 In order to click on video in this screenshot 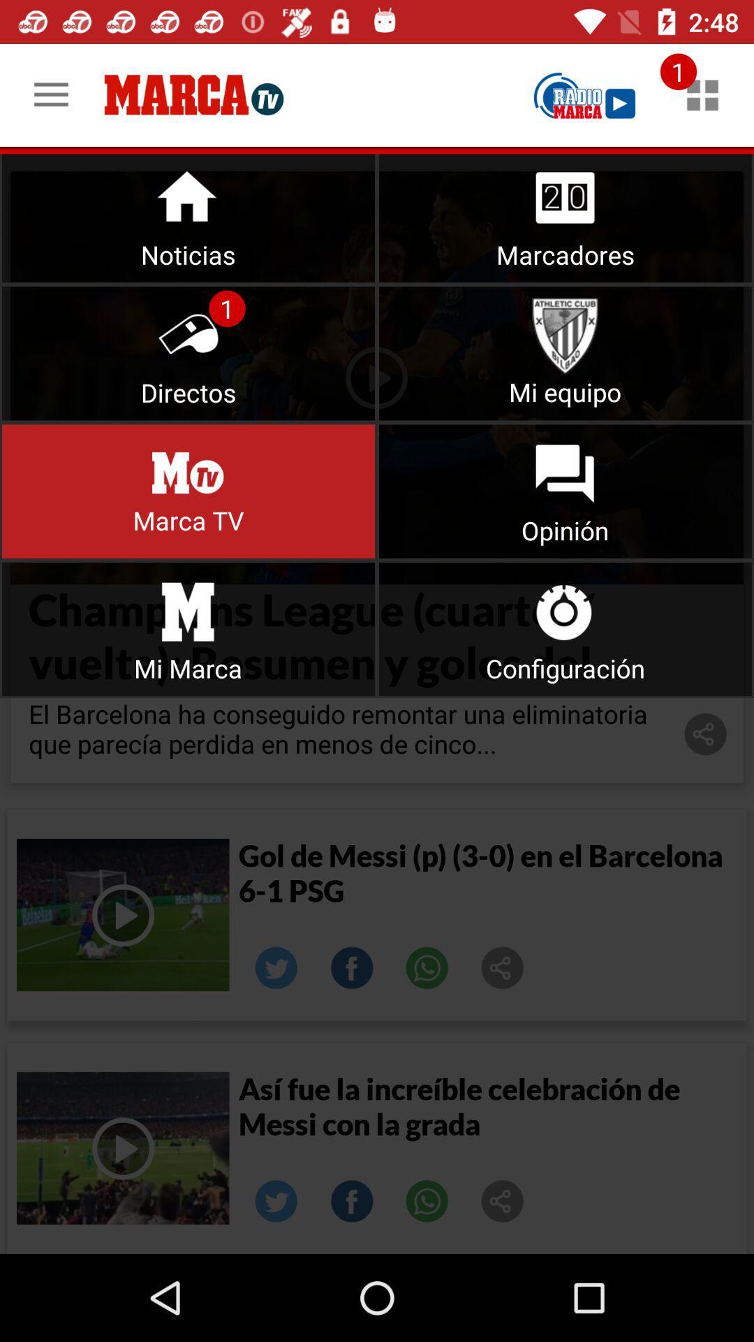, I will do `click(122, 915)`.